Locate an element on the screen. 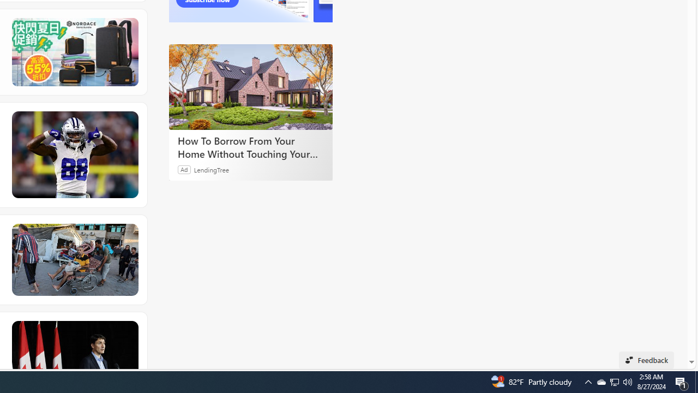  'LendingTree' is located at coordinates (211, 169).